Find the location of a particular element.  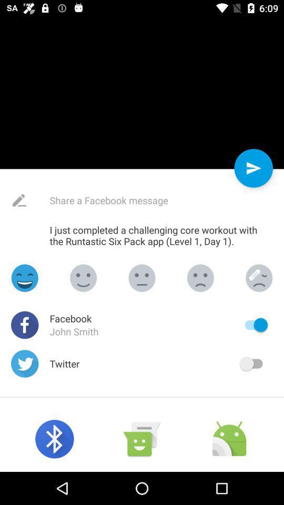

the emoji icon is located at coordinates (83, 277).